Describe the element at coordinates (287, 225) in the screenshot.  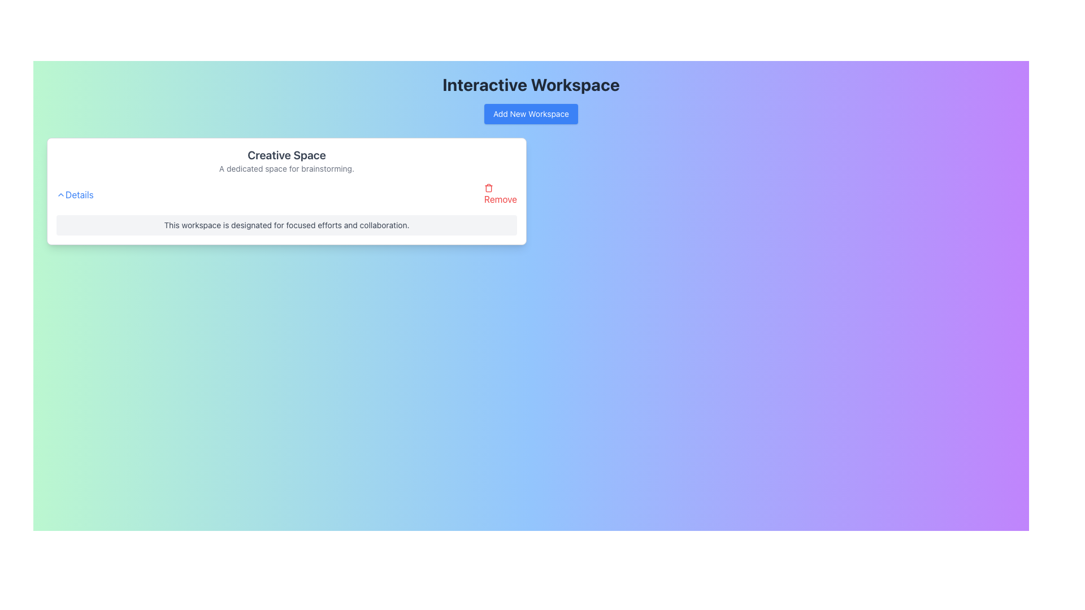
I see `the descriptive text box located at the bottom of the 'Creative Space' card, which provides contextual support for the main content` at that location.